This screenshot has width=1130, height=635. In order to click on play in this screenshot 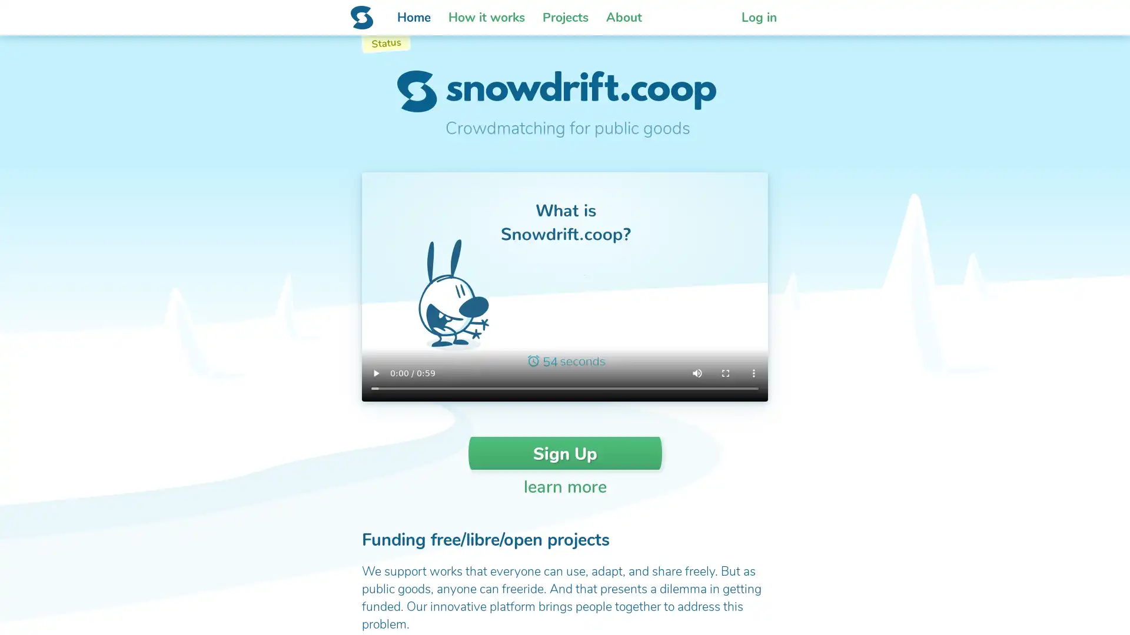, I will do `click(375, 373)`.